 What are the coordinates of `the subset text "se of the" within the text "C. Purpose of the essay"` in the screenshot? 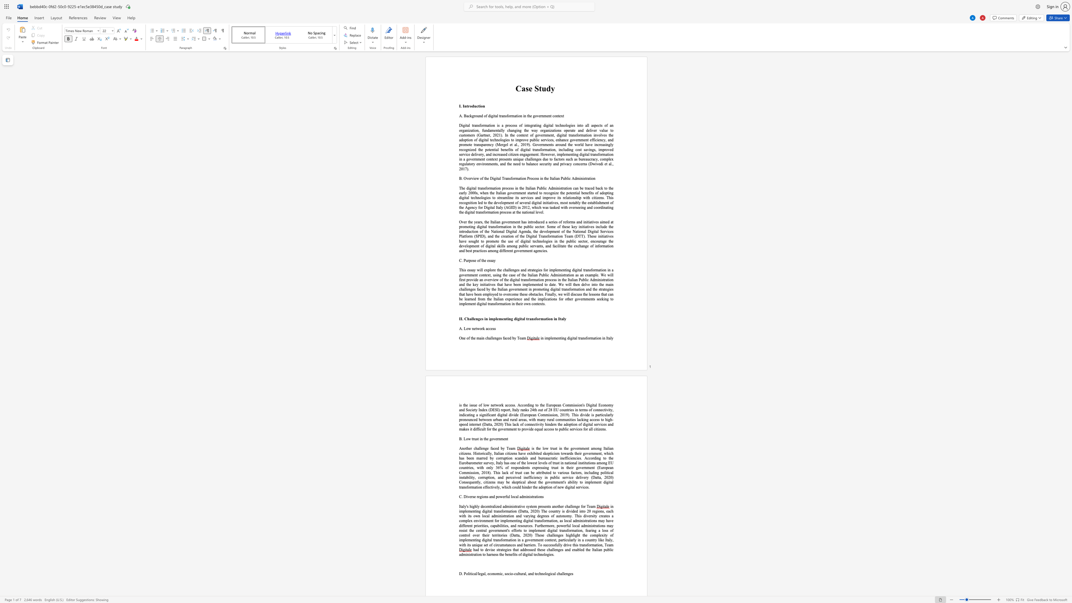 It's located at (473, 260).